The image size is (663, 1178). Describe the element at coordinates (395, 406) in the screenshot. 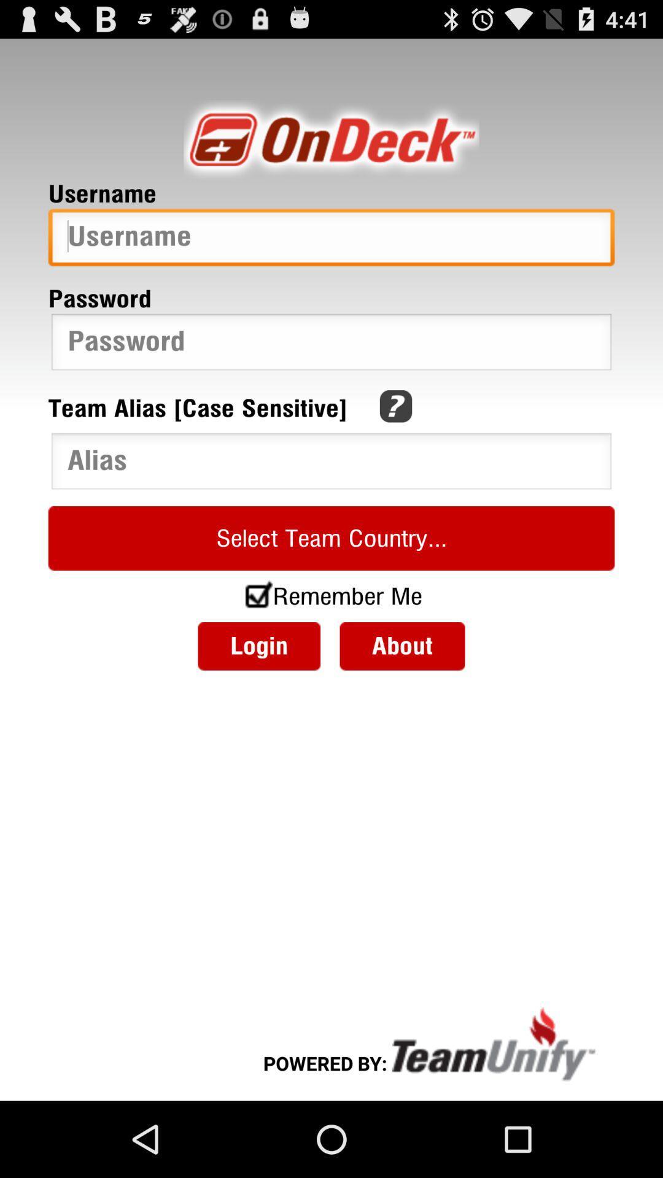

I see `qustine marke` at that location.